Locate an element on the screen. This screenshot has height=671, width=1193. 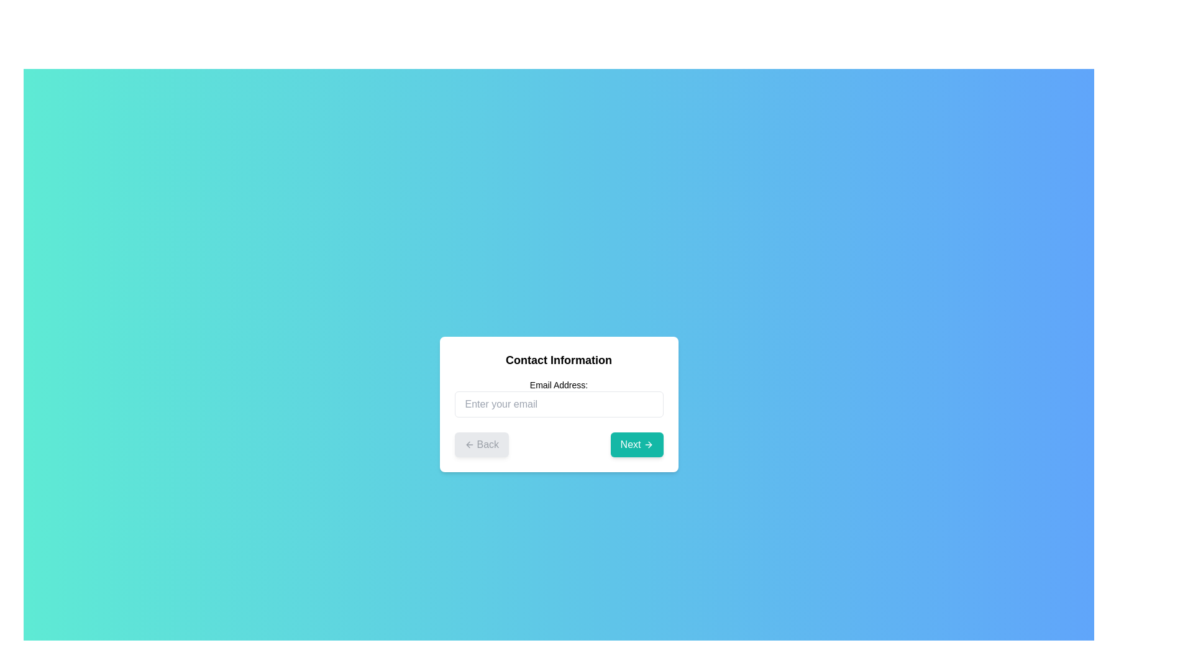
the 'Next' button, which is a teal rectangular button located at the bottom-right corner of a translucent white modal, to proceed to the next step is located at coordinates (647, 444).